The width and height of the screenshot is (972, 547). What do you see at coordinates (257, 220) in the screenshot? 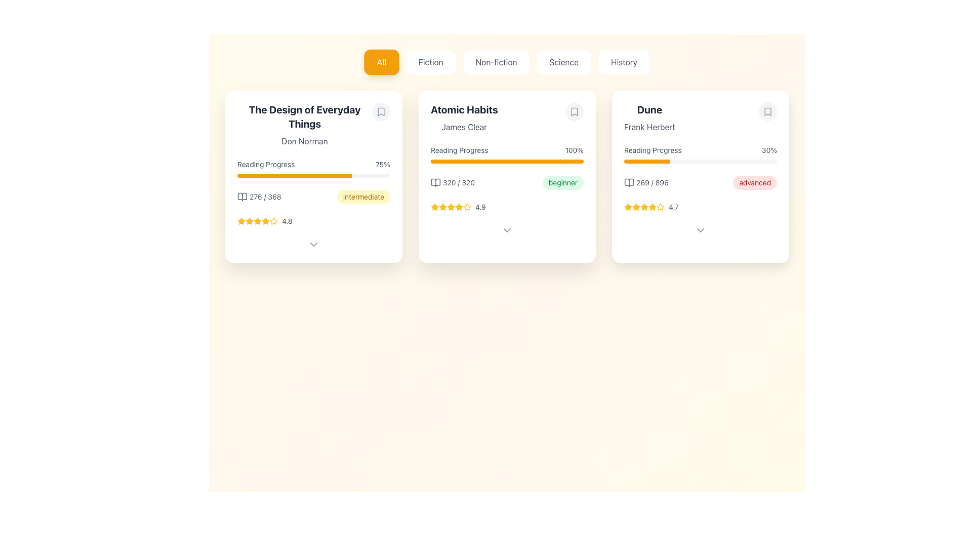
I see `the fifth star icon to rate the book 'The Design of Everyday Things' located in the first card of a three-card layout` at bounding box center [257, 220].